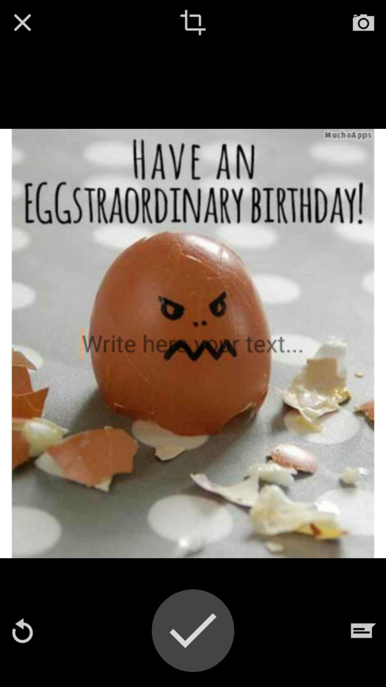 This screenshot has width=386, height=687. What do you see at coordinates (22, 22) in the screenshot?
I see `close` at bounding box center [22, 22].